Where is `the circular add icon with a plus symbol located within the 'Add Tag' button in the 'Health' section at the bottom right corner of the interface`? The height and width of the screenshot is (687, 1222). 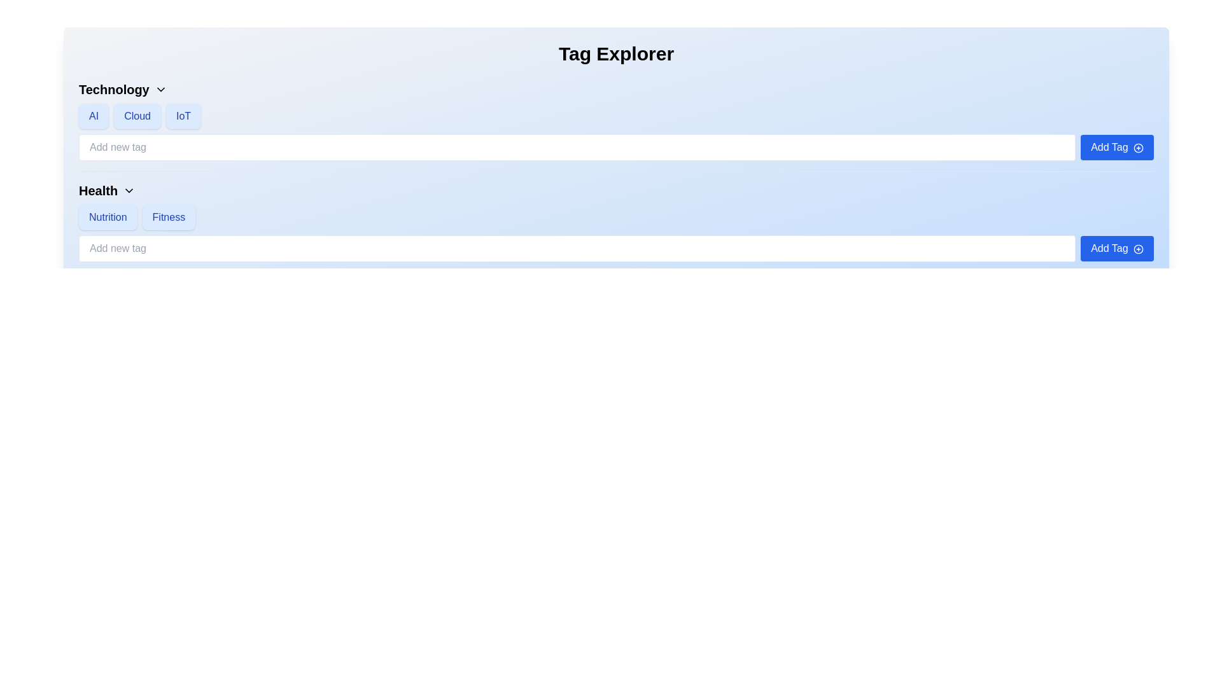
the circular add icon with a plus symbol located within the 'Add Tag' button in the 'Health' section at the bottom right corner of the interface is located at coordinates (1139, 248).